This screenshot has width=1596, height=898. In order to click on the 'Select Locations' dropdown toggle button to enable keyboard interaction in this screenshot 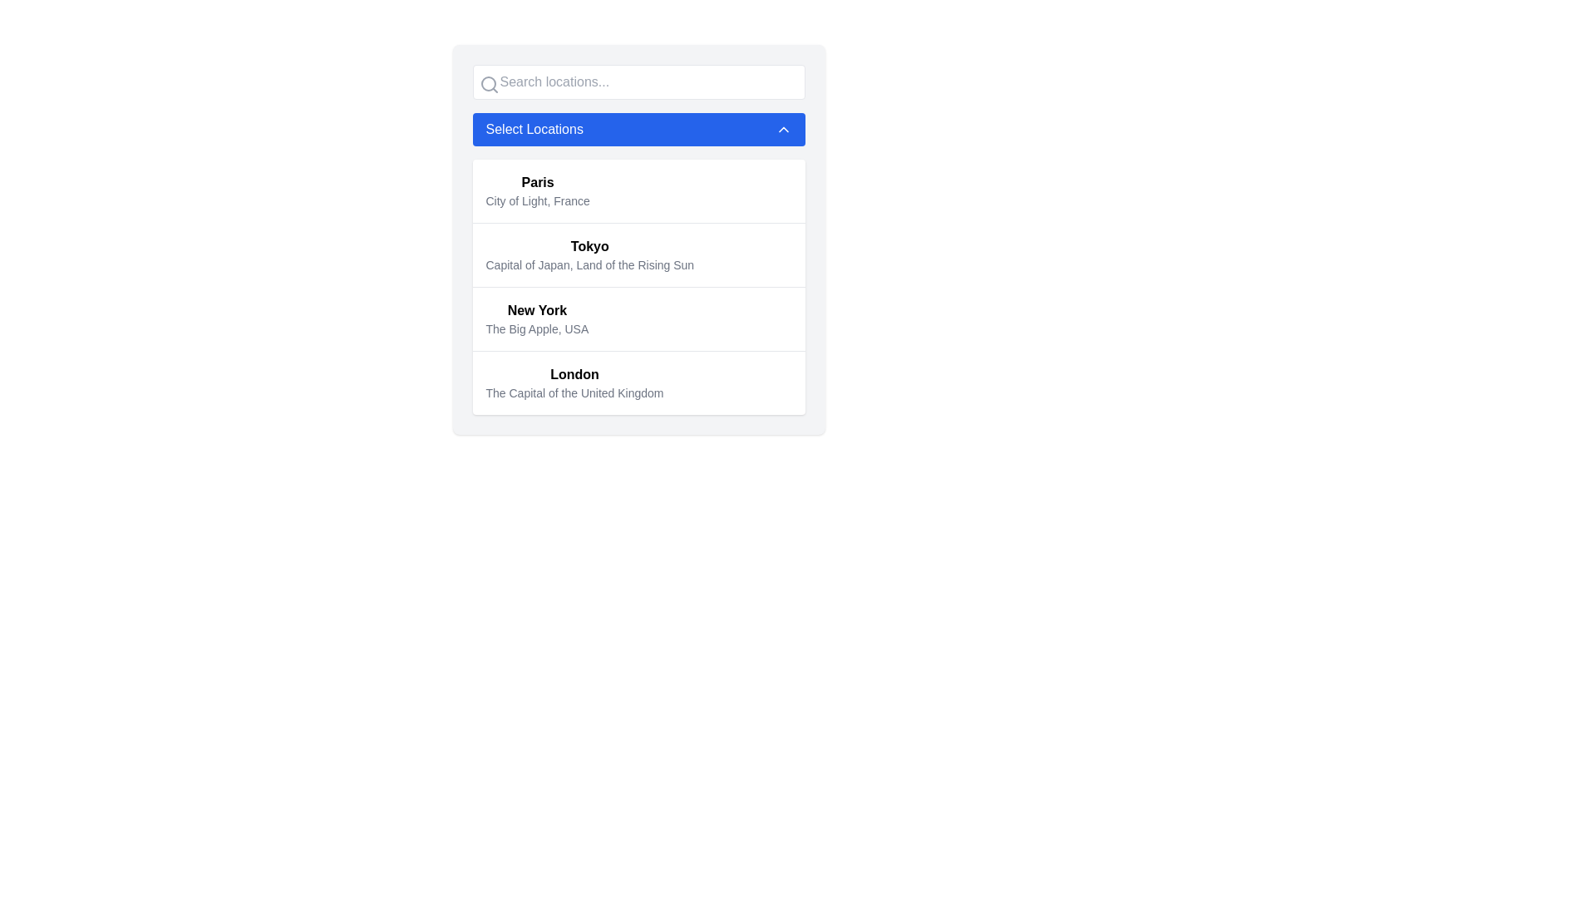, I will do `click(638, 128)`.